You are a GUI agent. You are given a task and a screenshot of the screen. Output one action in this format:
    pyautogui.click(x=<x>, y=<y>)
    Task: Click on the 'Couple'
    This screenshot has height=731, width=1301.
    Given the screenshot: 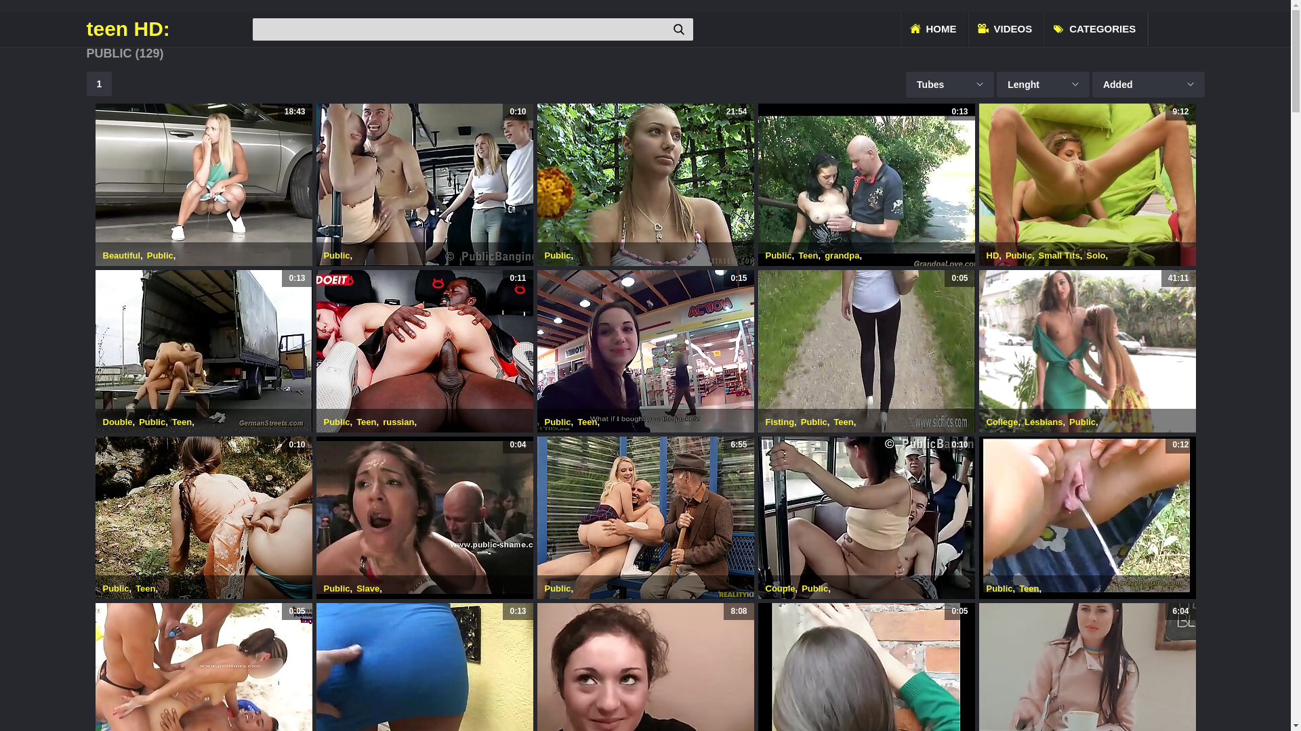 What is the action you would take?
    pyautogui.click(x=781, y=588)
    